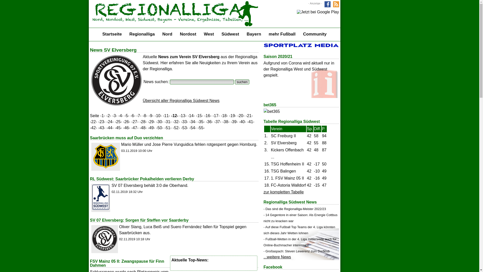 The image size is (483, 272). Describe the element at coordinates (182, 116) in the screenshot. I see `'-13-'` at that location.